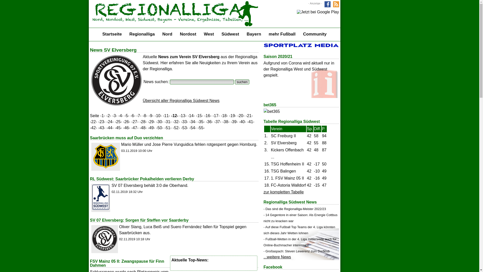 The image size is (483, 272). Describe the element at coordinates (182, 116) in the screenshot. I see `'-13-'` at that location.